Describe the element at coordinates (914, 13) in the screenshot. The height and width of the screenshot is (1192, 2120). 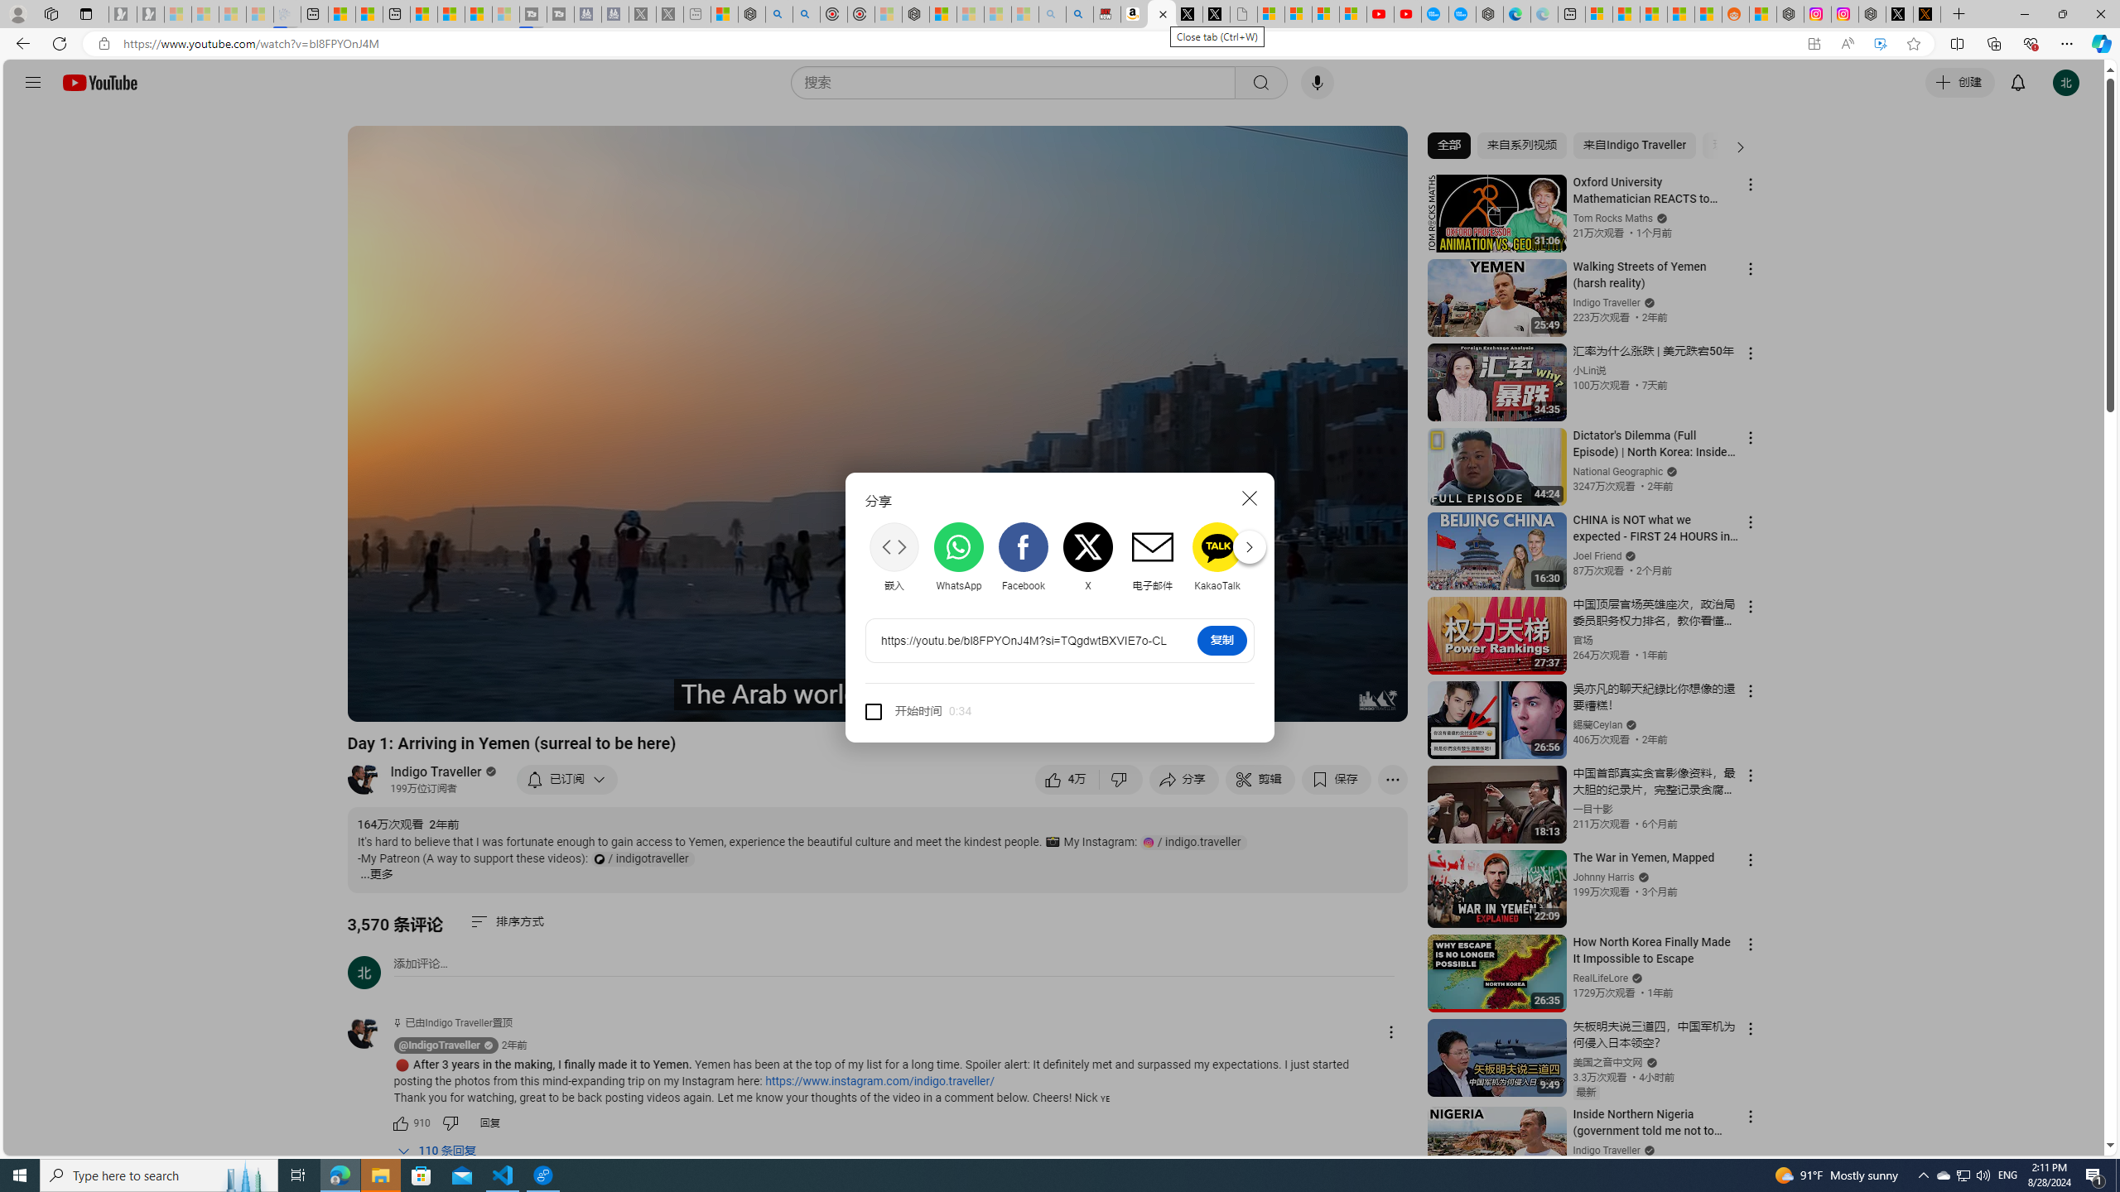
I see `'Nordace - Nordace Siena Is Not An Ordinary Backpack'` at that location.